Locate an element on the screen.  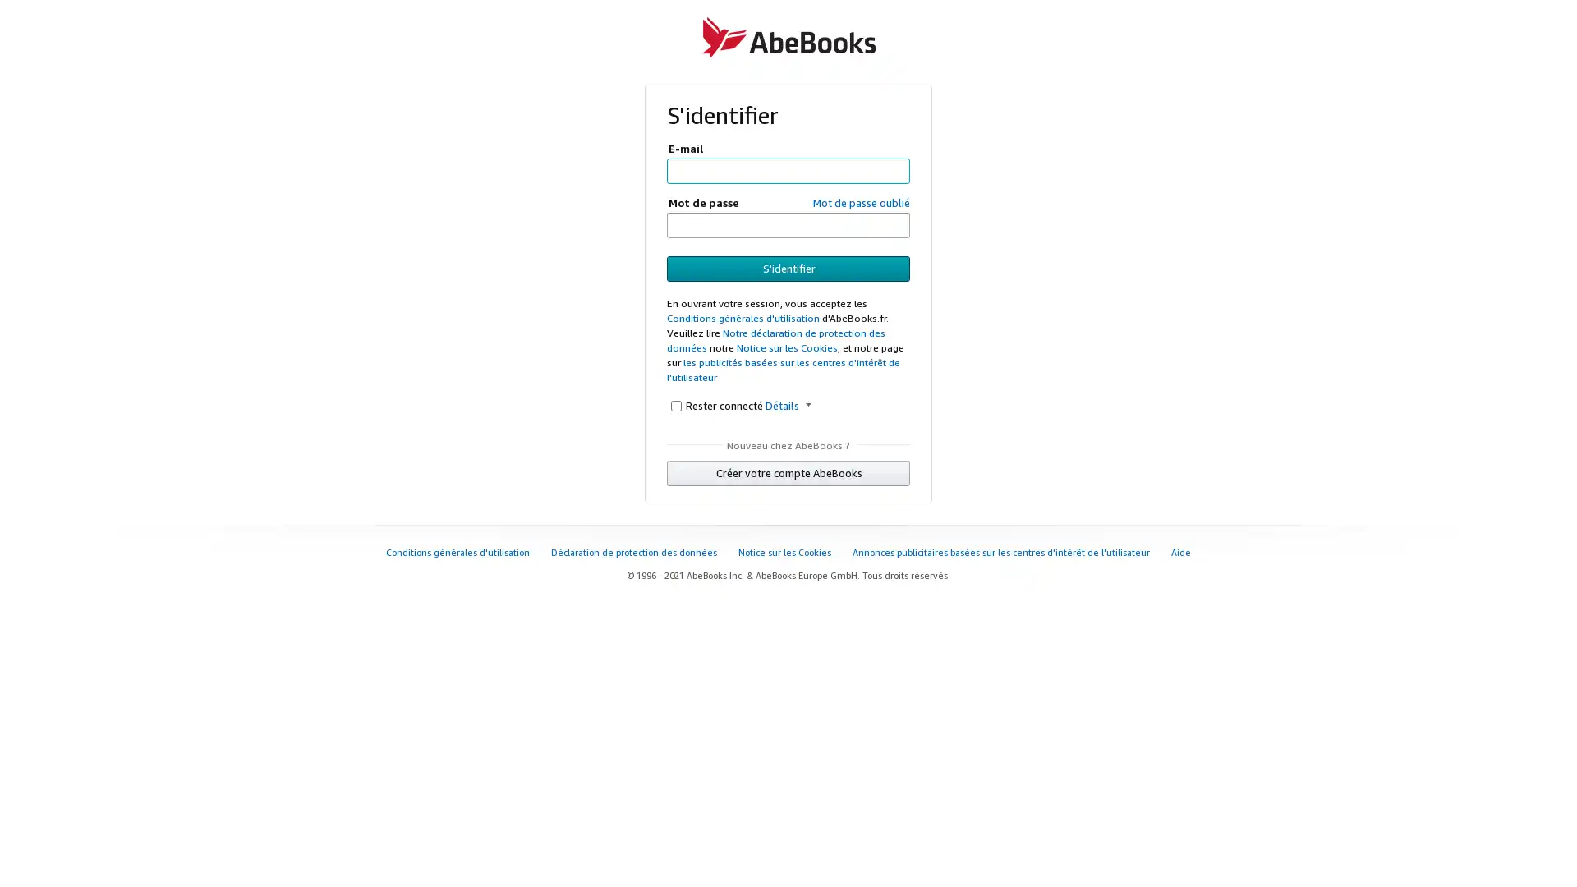
S'identifier is located at coordinates (788, 267).